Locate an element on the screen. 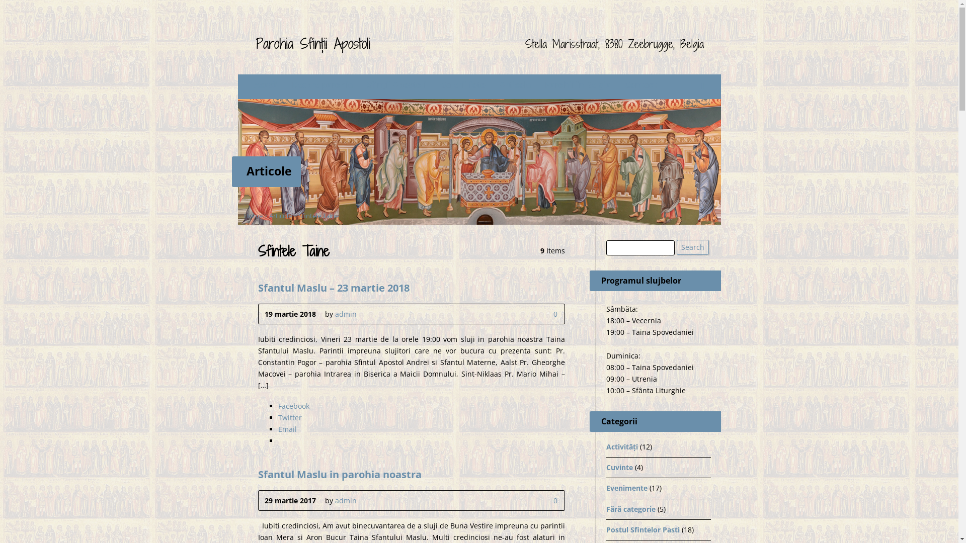 The width and height of the screenshot is (966, 543). 'Evenimente' is located at coordinates (625, 487).